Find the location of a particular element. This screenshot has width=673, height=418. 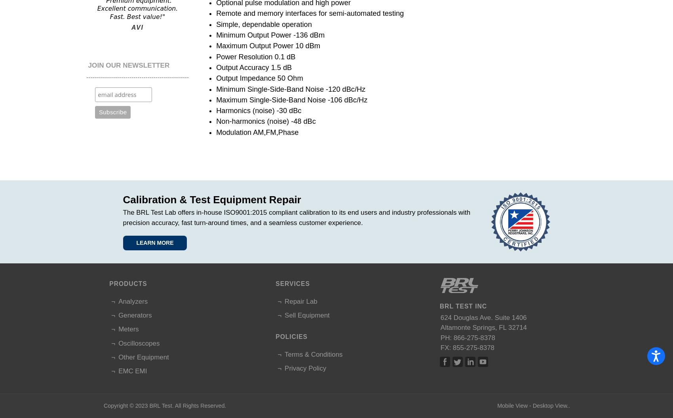

'Output Impedance 50 Ohm' is located at coordinates (216, 78).